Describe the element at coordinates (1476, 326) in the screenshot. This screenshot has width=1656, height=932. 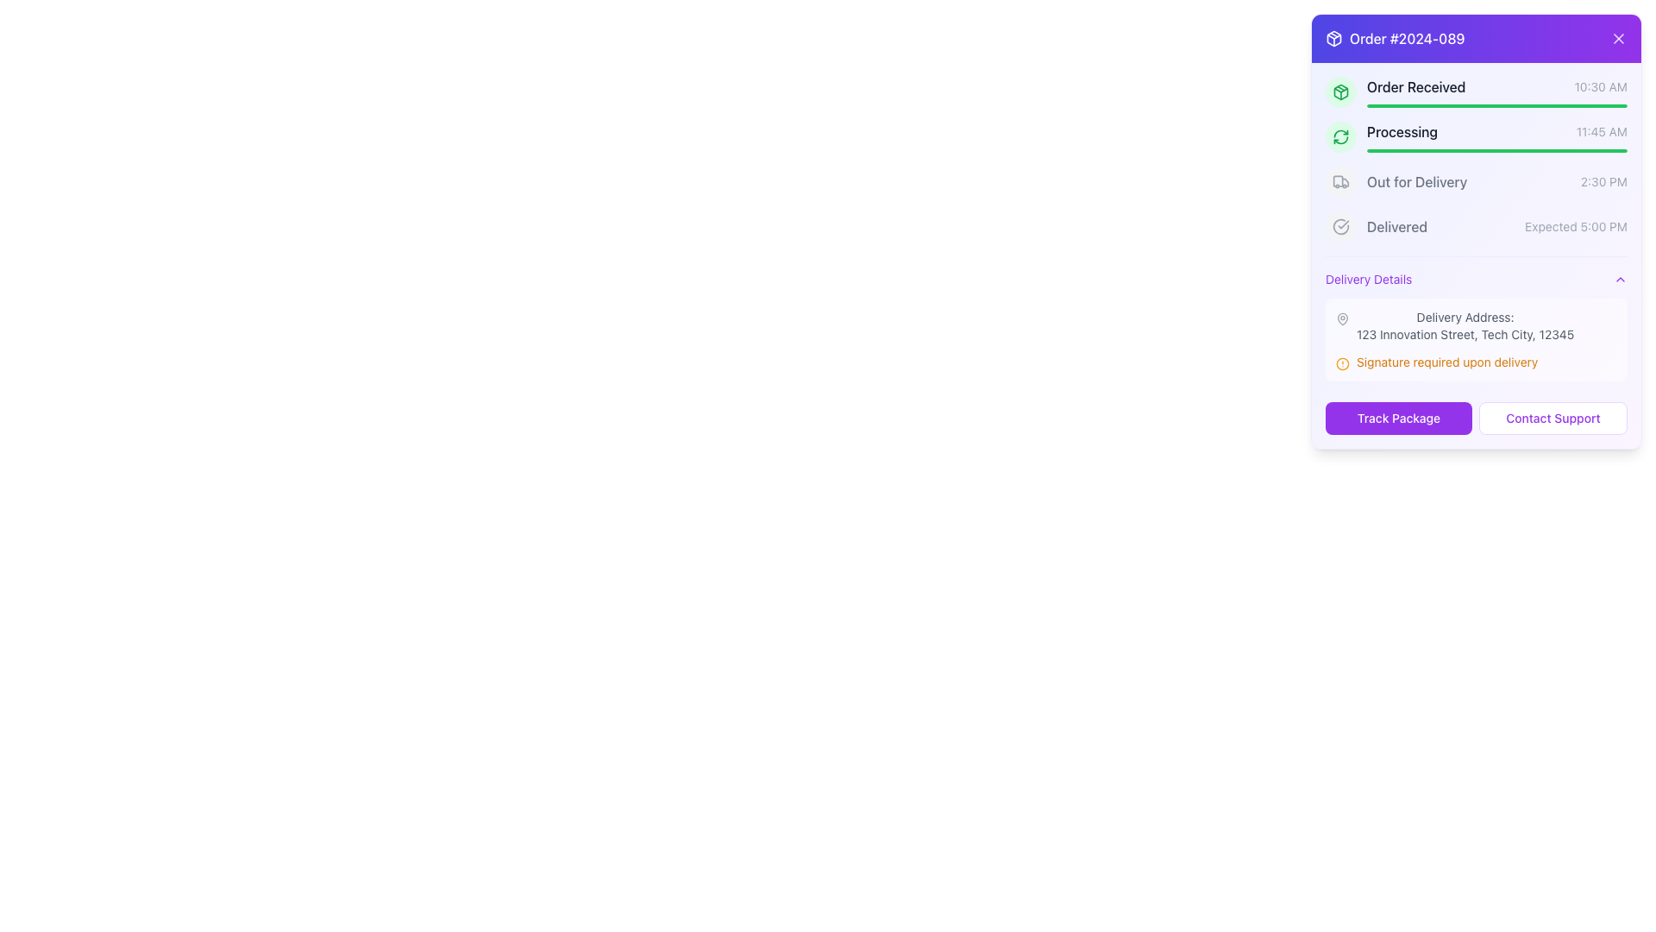
I see `the static text element displaying the delivery address 'Delivery Address: 123 Innovation Street, Tech City, 12345', which is located under the 'Delivery Details' header in the 'Order #2024-089' panel` at that location.